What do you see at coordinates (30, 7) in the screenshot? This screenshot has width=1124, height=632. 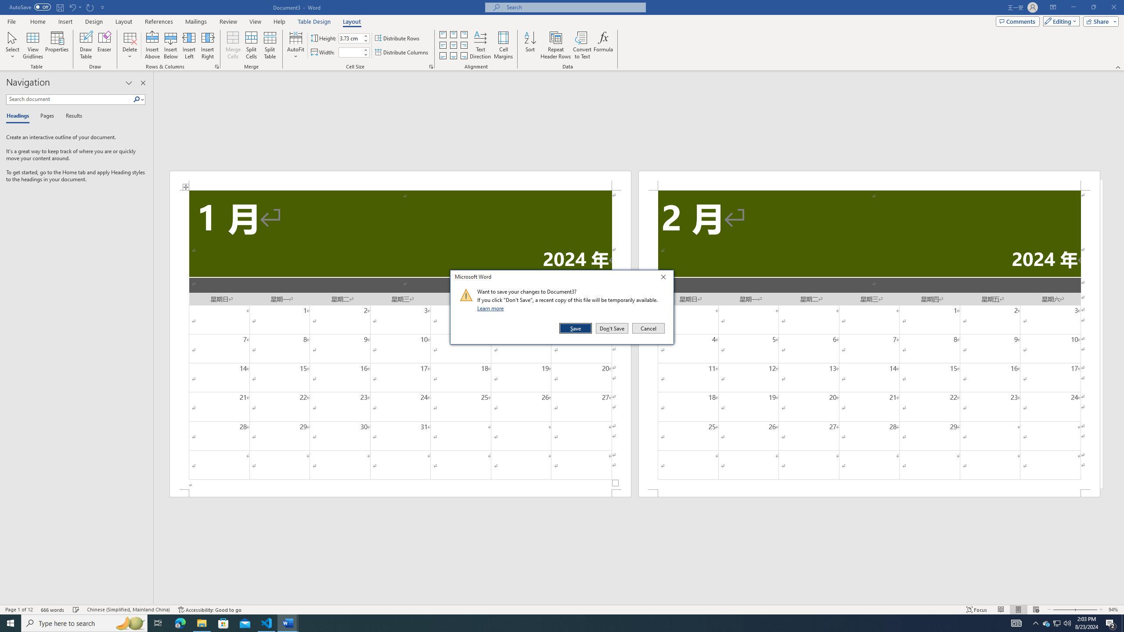 I see `'AutoSave'` at bounding box center [30, 7].